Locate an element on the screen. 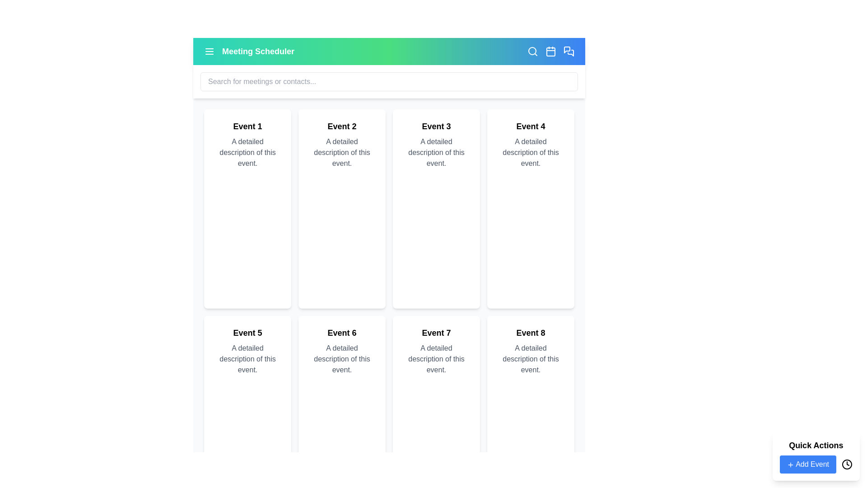  the Text label located in the bottom-right corner of the interface, which serves as a heading for a section grouping actionable items is located at coordinates (816, 445).